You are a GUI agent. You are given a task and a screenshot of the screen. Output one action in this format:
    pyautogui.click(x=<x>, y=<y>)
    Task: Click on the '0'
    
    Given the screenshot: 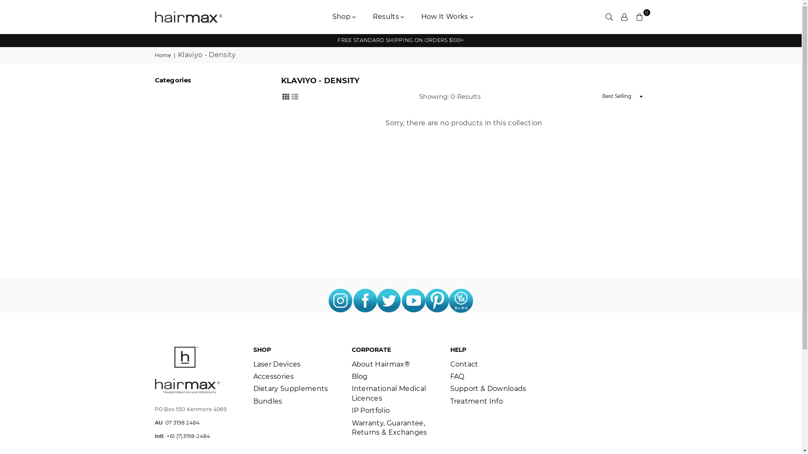 What is the action you would take?
    pyautogui.click(x=640, y=16)
    